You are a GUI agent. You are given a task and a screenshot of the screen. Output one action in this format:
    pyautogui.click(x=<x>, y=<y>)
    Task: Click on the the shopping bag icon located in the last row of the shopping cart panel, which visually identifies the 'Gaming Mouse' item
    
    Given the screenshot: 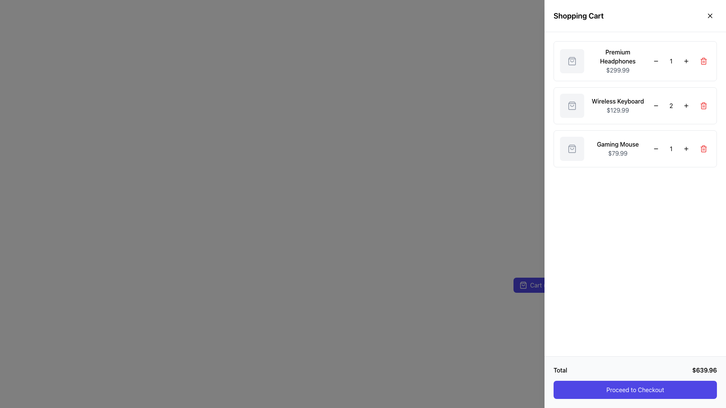 What is the action you would take?
    pyautogui.click(x=572, y=148)
    